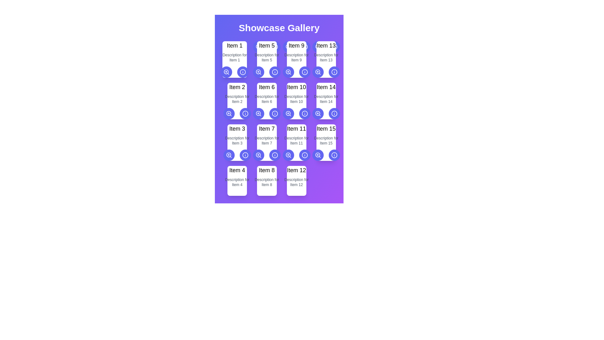 The width and height of the screenshot is (604, 340). Describe the element at coordinates (259, 155) in the screenshot. I see `the zoom-in button, which is the leftmost circular icon below the card labeled Item 7` at that location.